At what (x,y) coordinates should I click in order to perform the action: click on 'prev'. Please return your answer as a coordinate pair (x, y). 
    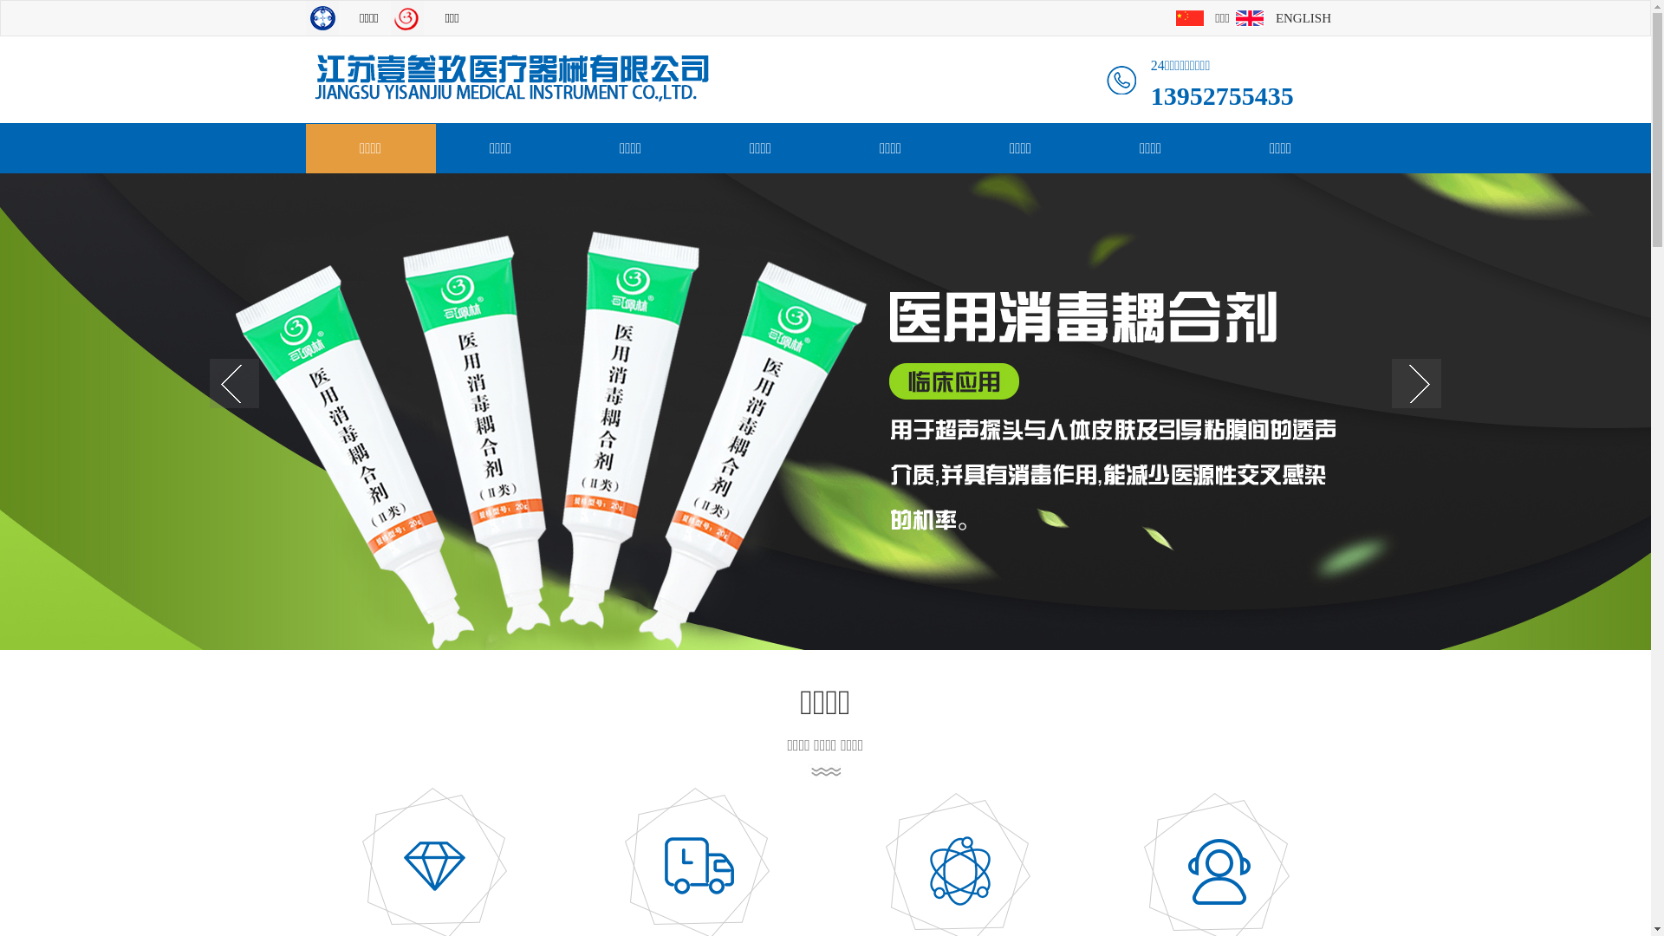
    Looking at the image, I should click on (233, 384).